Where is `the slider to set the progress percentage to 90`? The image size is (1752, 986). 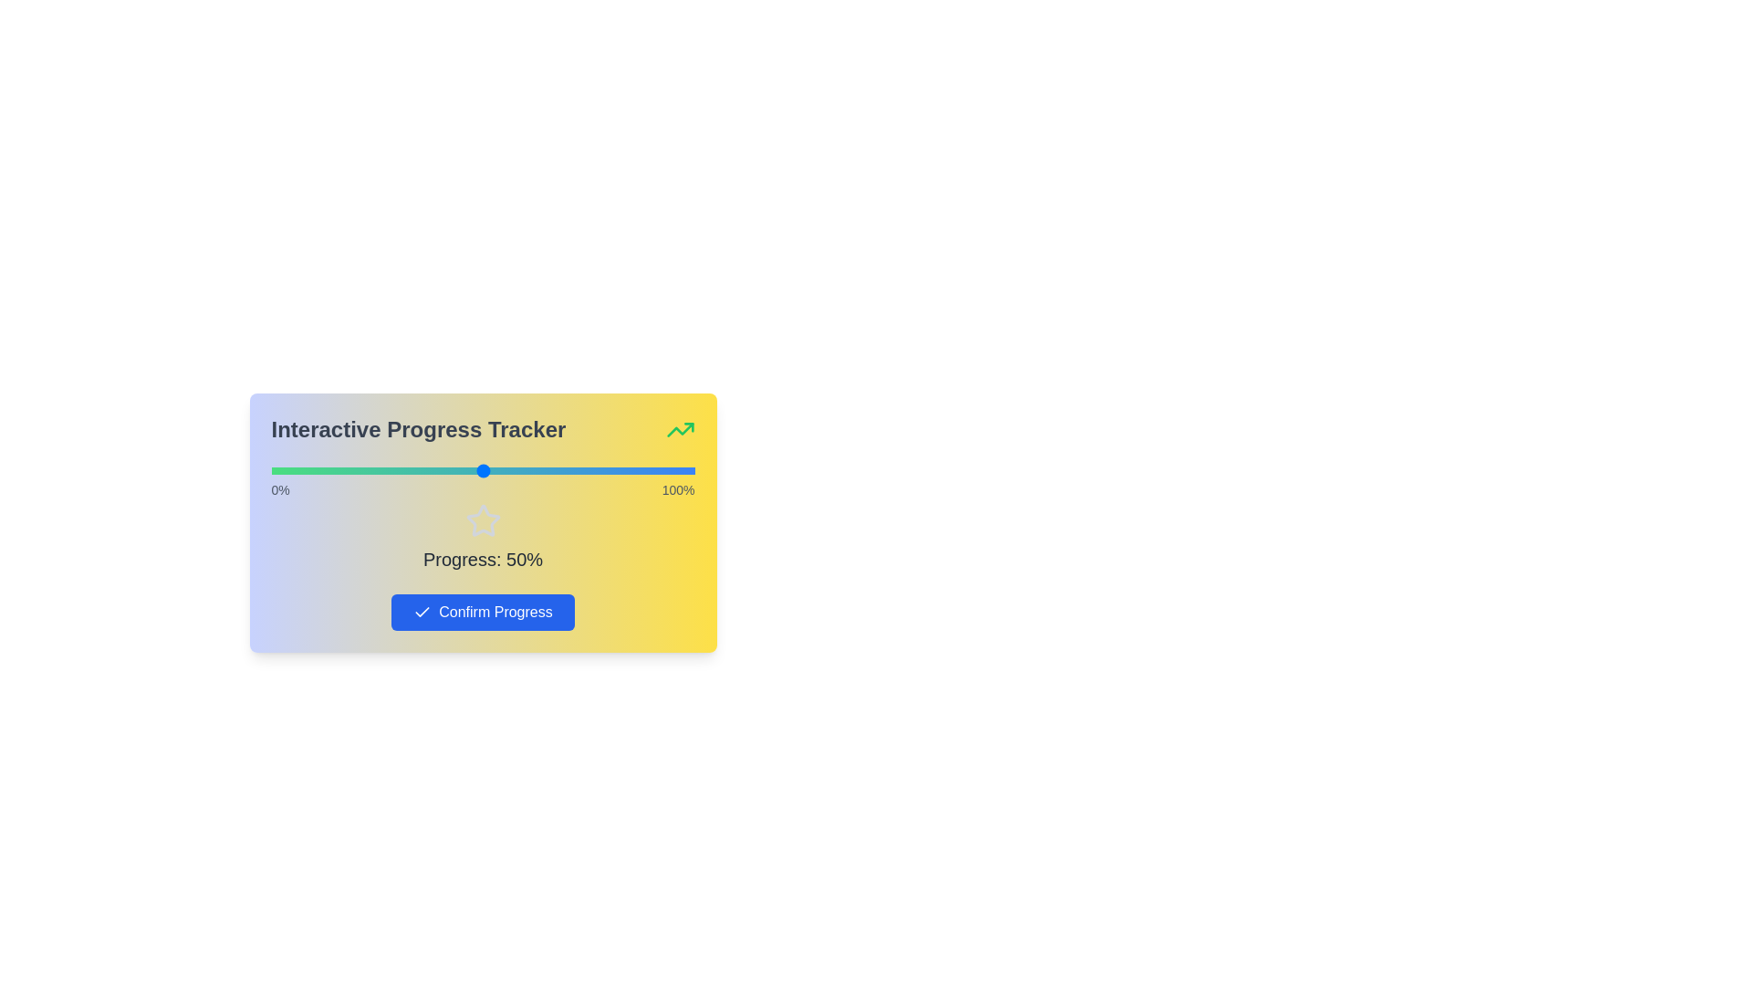 the slider to set the progress percentage to 90 is located at coordinates (652, 470).